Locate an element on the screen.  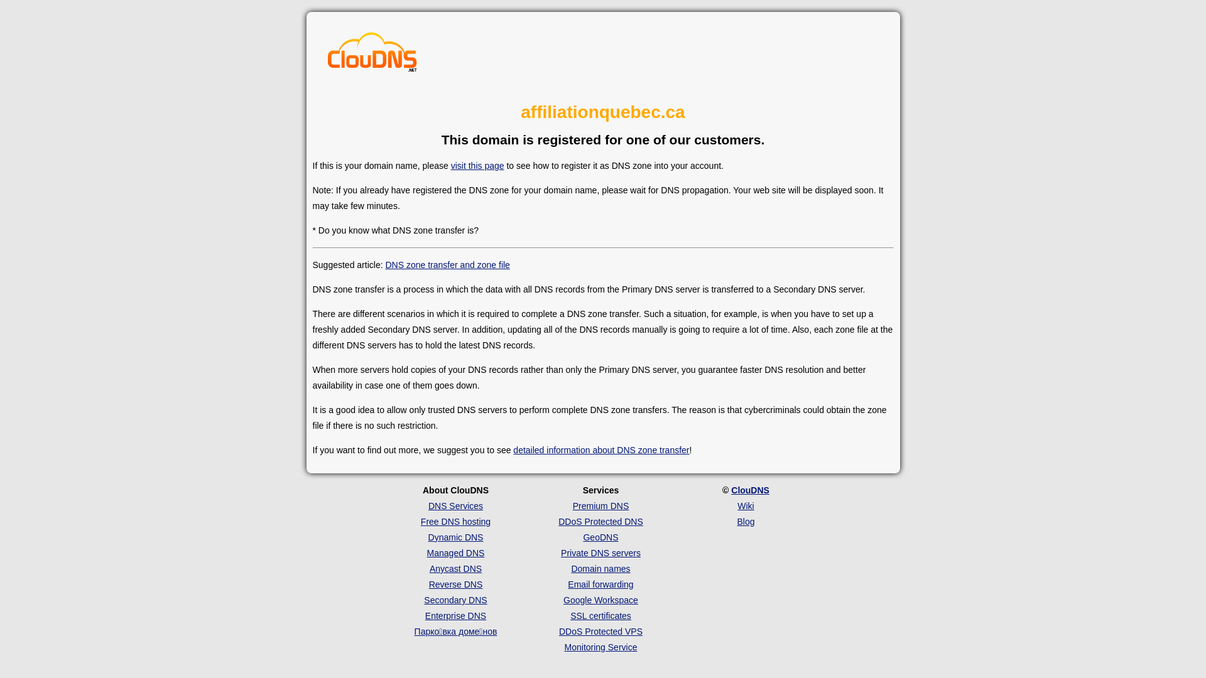
'Managed DNS' is located at coordinates (455, 552).